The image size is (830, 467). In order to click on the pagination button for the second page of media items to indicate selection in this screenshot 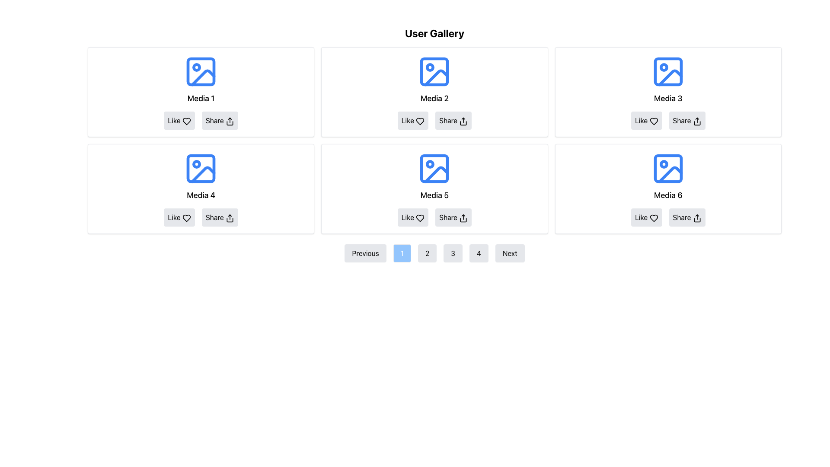, I will do `click(427, 253)`.